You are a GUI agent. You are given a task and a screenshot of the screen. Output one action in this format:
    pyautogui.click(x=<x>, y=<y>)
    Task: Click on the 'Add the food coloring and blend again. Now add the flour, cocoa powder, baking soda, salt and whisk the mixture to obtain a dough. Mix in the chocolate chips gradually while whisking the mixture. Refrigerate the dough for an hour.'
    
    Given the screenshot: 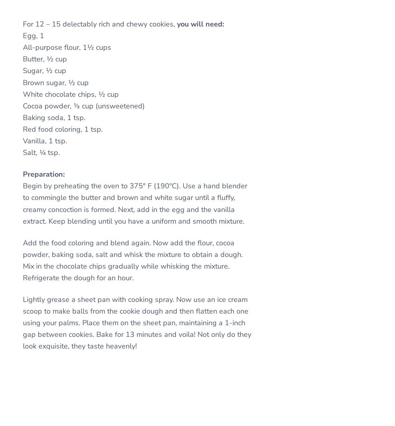 What is the action you would take?
    pyautogui.click(x=22, y=259)
    